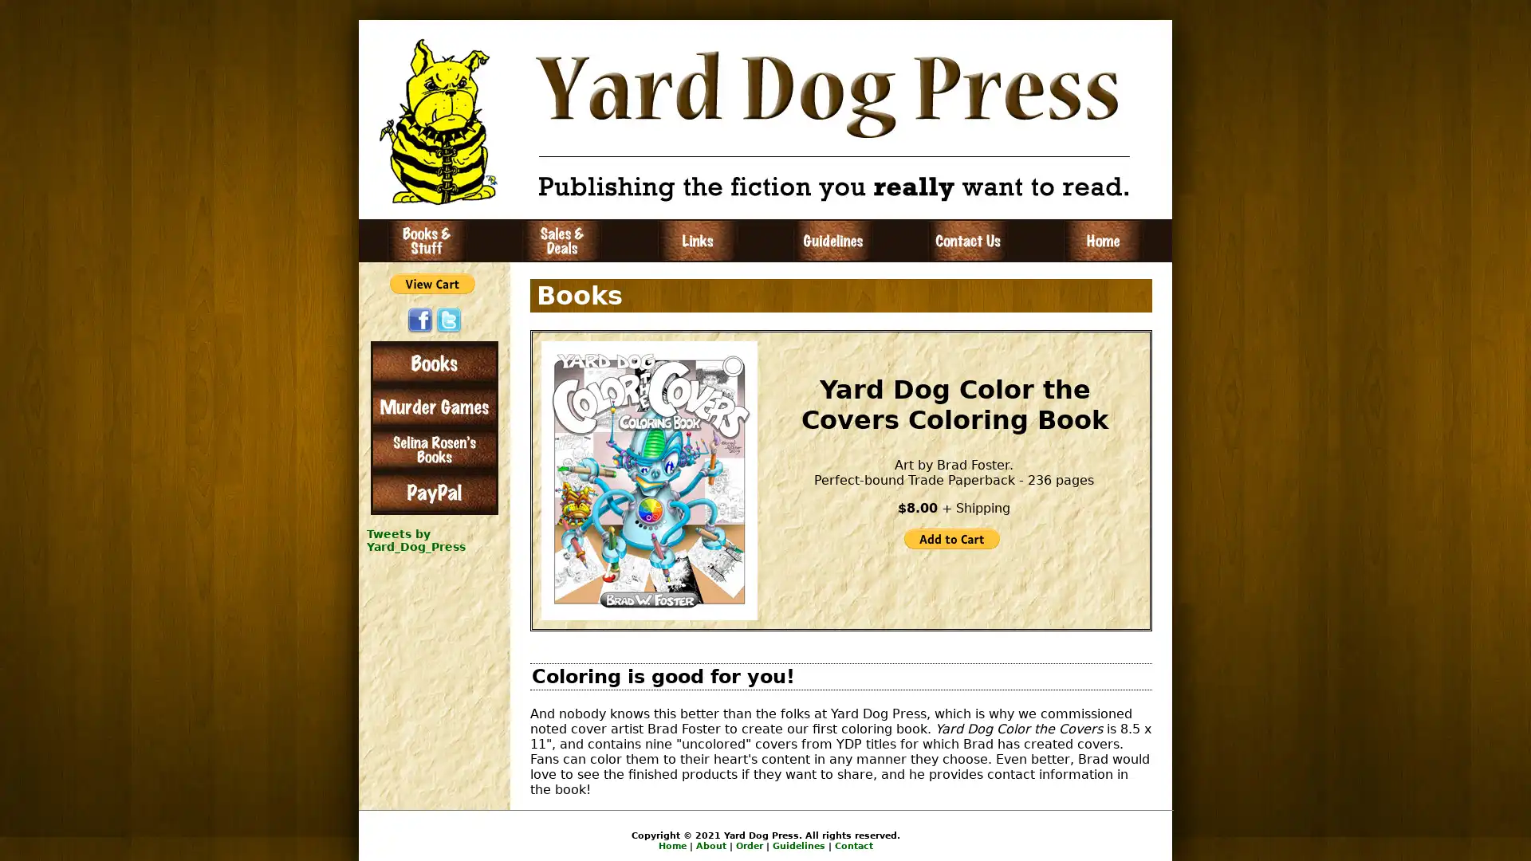 This screenshot has height=861, width=1531. I want to click on PayPal - The safer, easier way to pay online!, so click(951, 531).